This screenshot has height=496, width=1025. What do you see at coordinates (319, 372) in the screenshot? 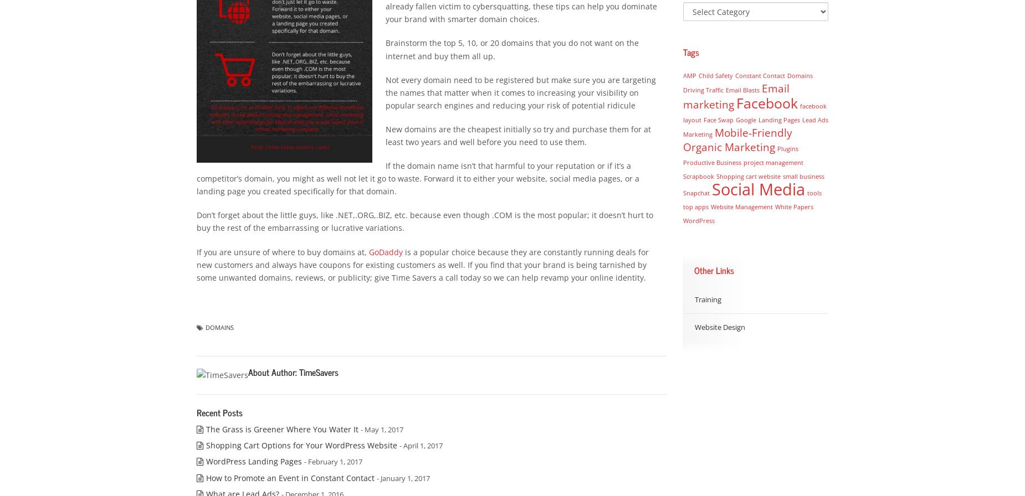
I see `'TimeSavers'` at bounding box center [319, 372].